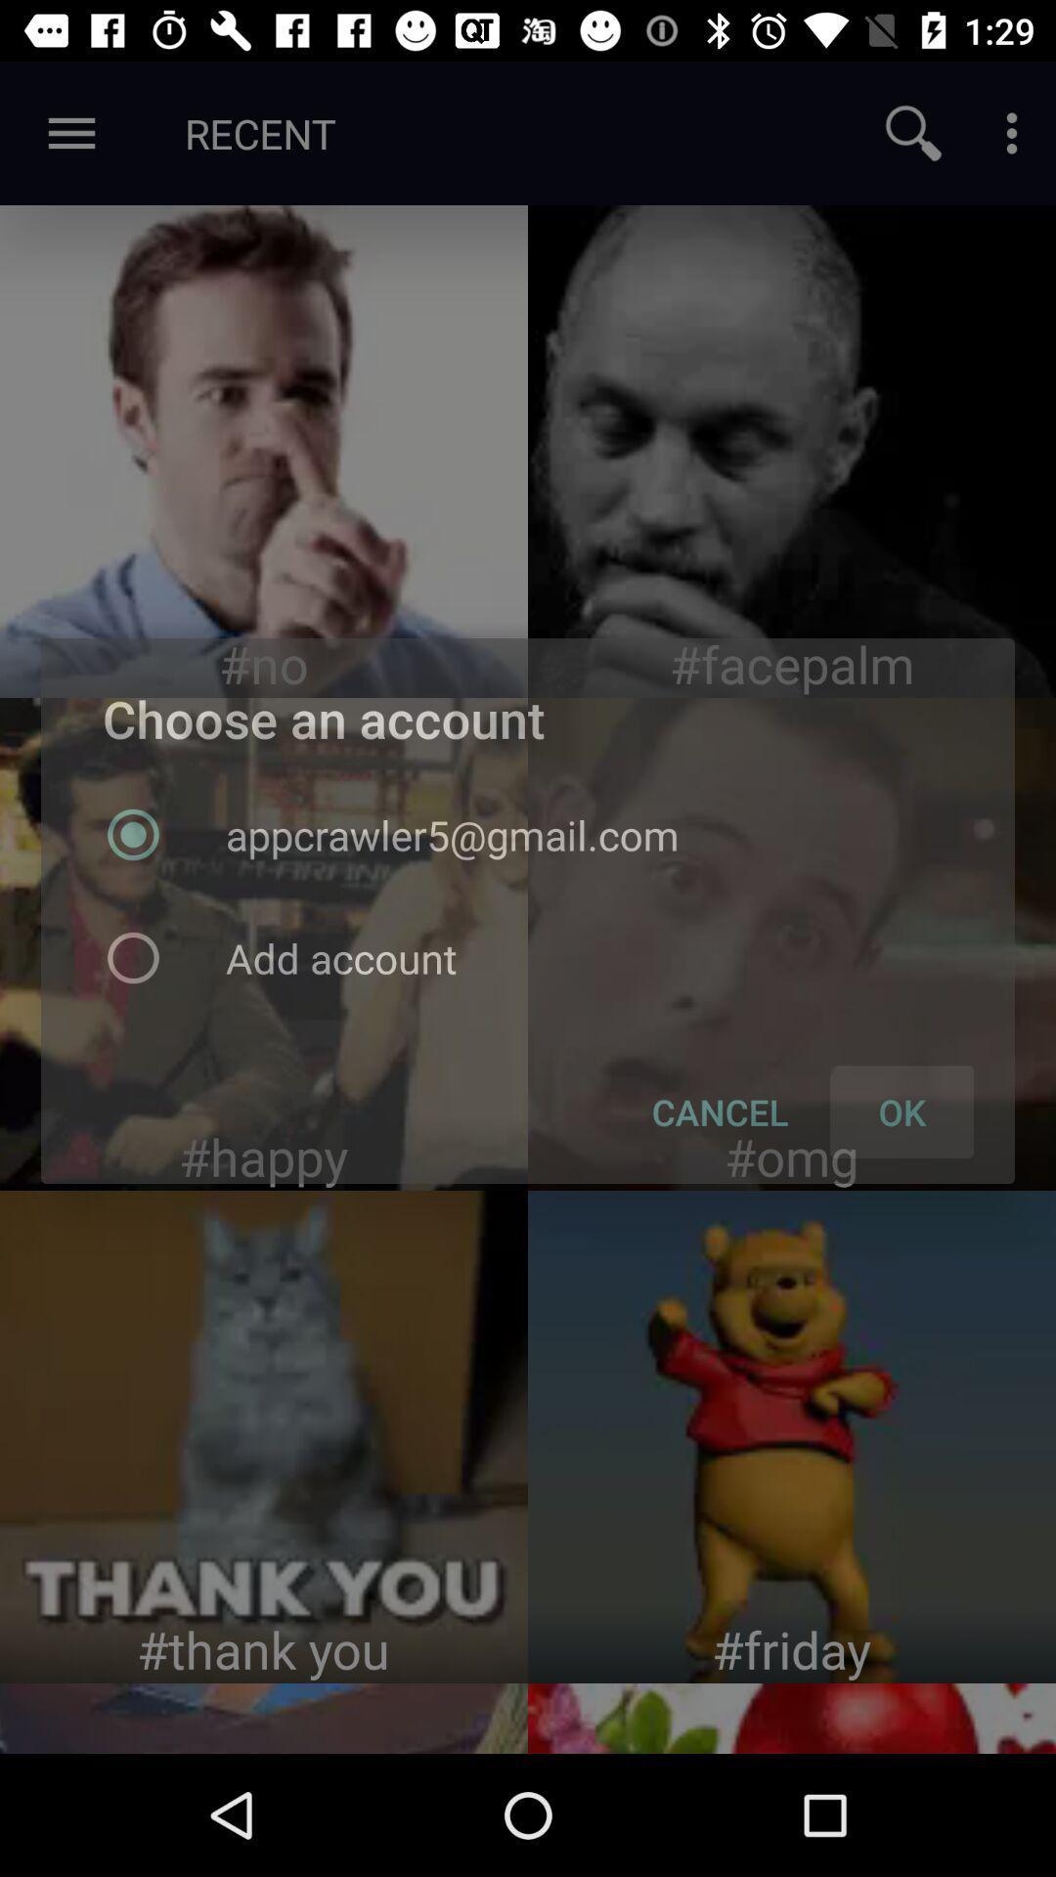 The height and width of the screenshot is (1877, 1056). What do you see at coordinates (792, 1436) in the screenshot?
I see `friday option` at bounding box center [792, 1436].